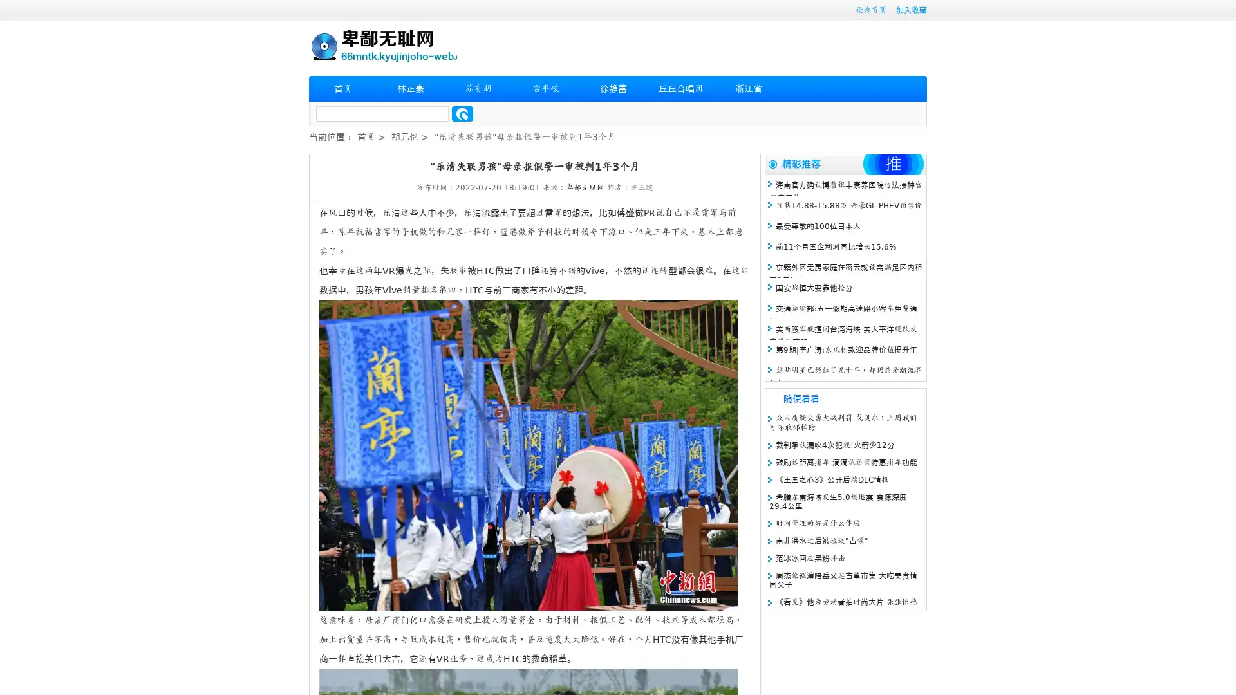 Image resolution: width=1236 pixels, height=695 pixels. What do you see at coordinates (462, 113) in the screenshot?
I see `Search` at bounding box center [462, 113].